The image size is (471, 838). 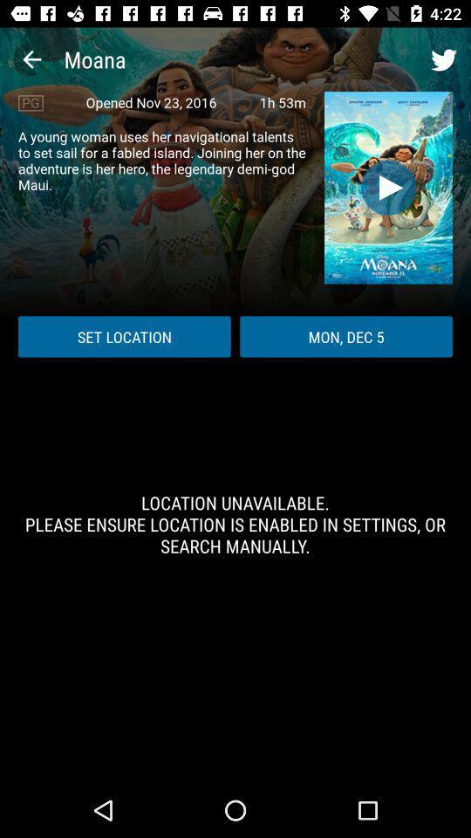 What do you see at coordinates (123, 335) in the screenshot?
I see `item below a young woman icon` at bounding box center [123, 335].